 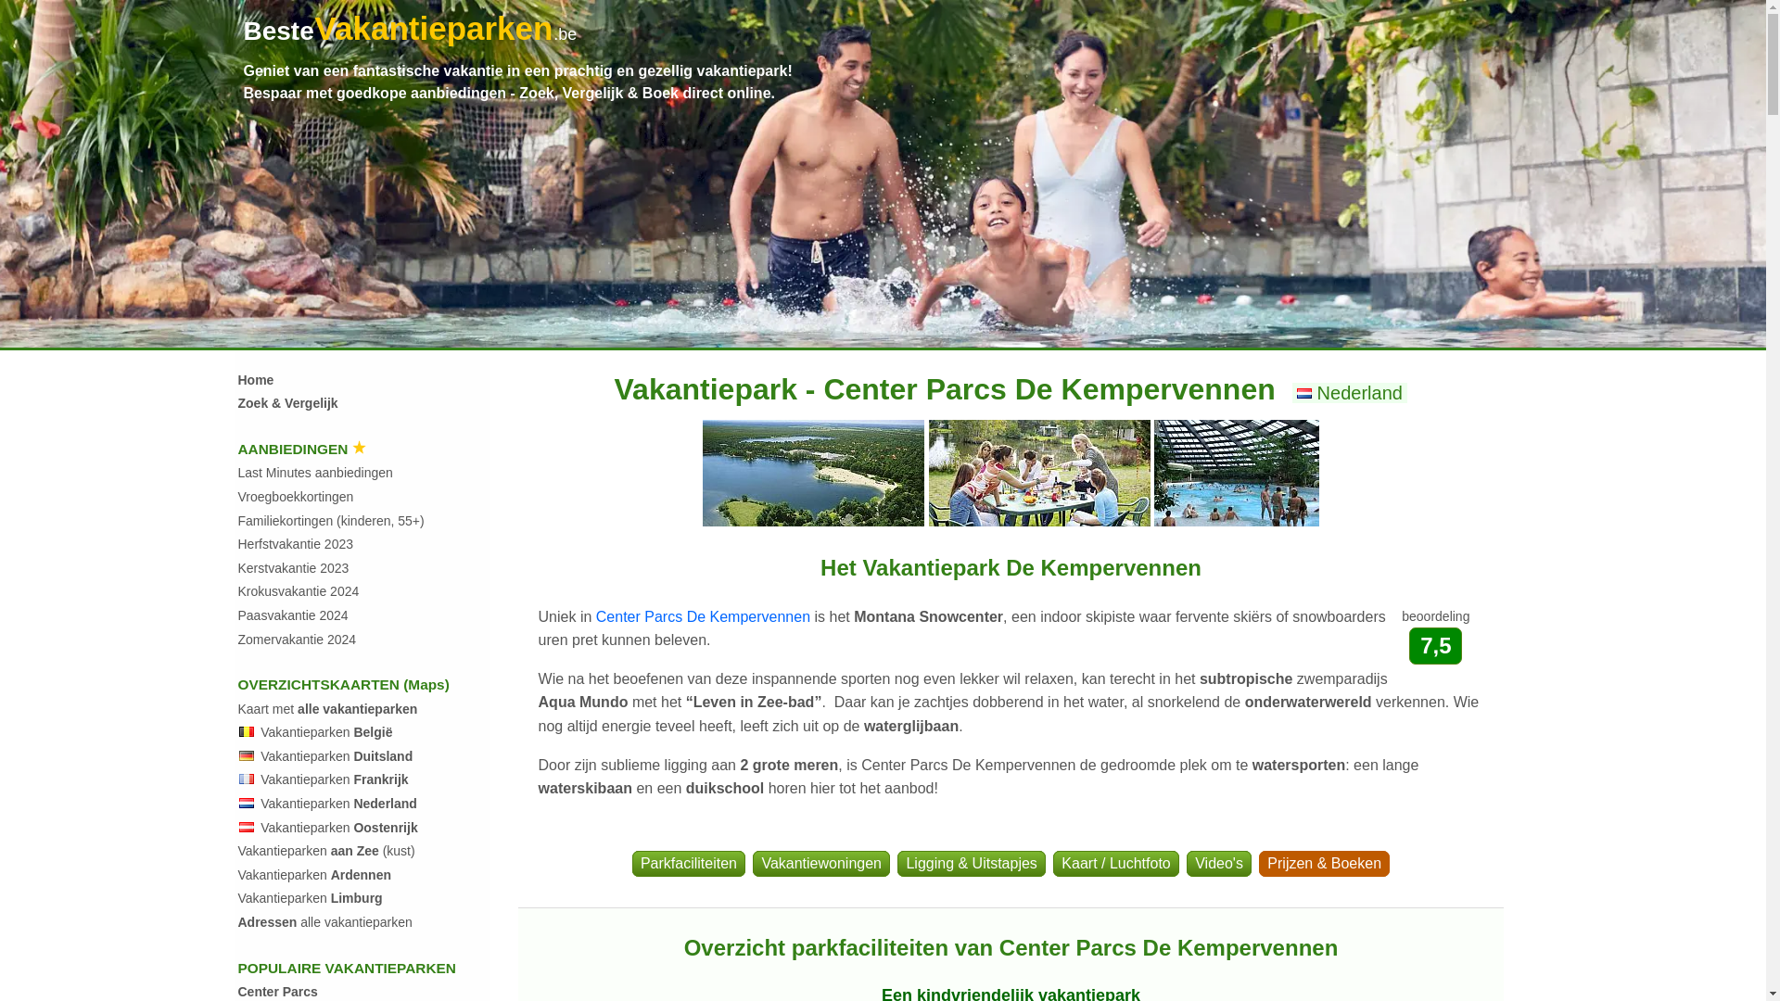 What do you see at coordinates (820, 864) in the screenshot?
I see `'Vakantiewoningen'` at bounding box center [820, 864].